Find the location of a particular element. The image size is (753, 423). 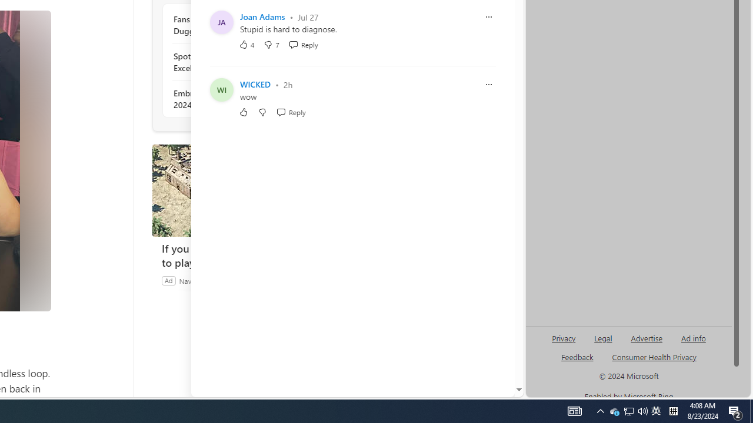

'WICKED' is located at coordinates (255, 84).